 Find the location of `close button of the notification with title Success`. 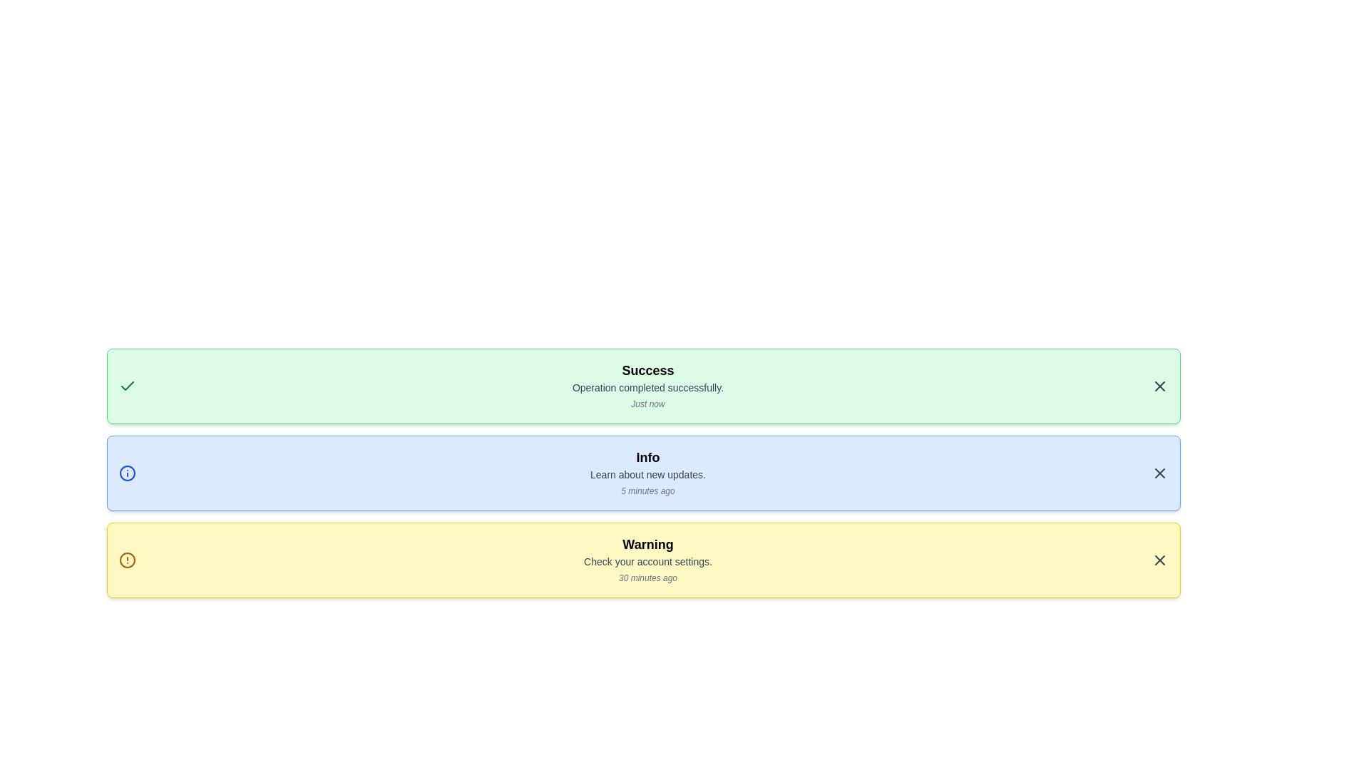

close button of the notification with title Success is located at coordinates (1160, 386).